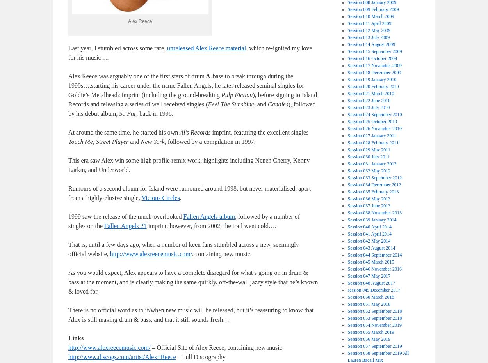 Image resolution: width=488 pixels, height=363 pixels. Describe the element at coordinates (347, 44) in the screenshot. I see `'Session 014 August 2009'` at that location.